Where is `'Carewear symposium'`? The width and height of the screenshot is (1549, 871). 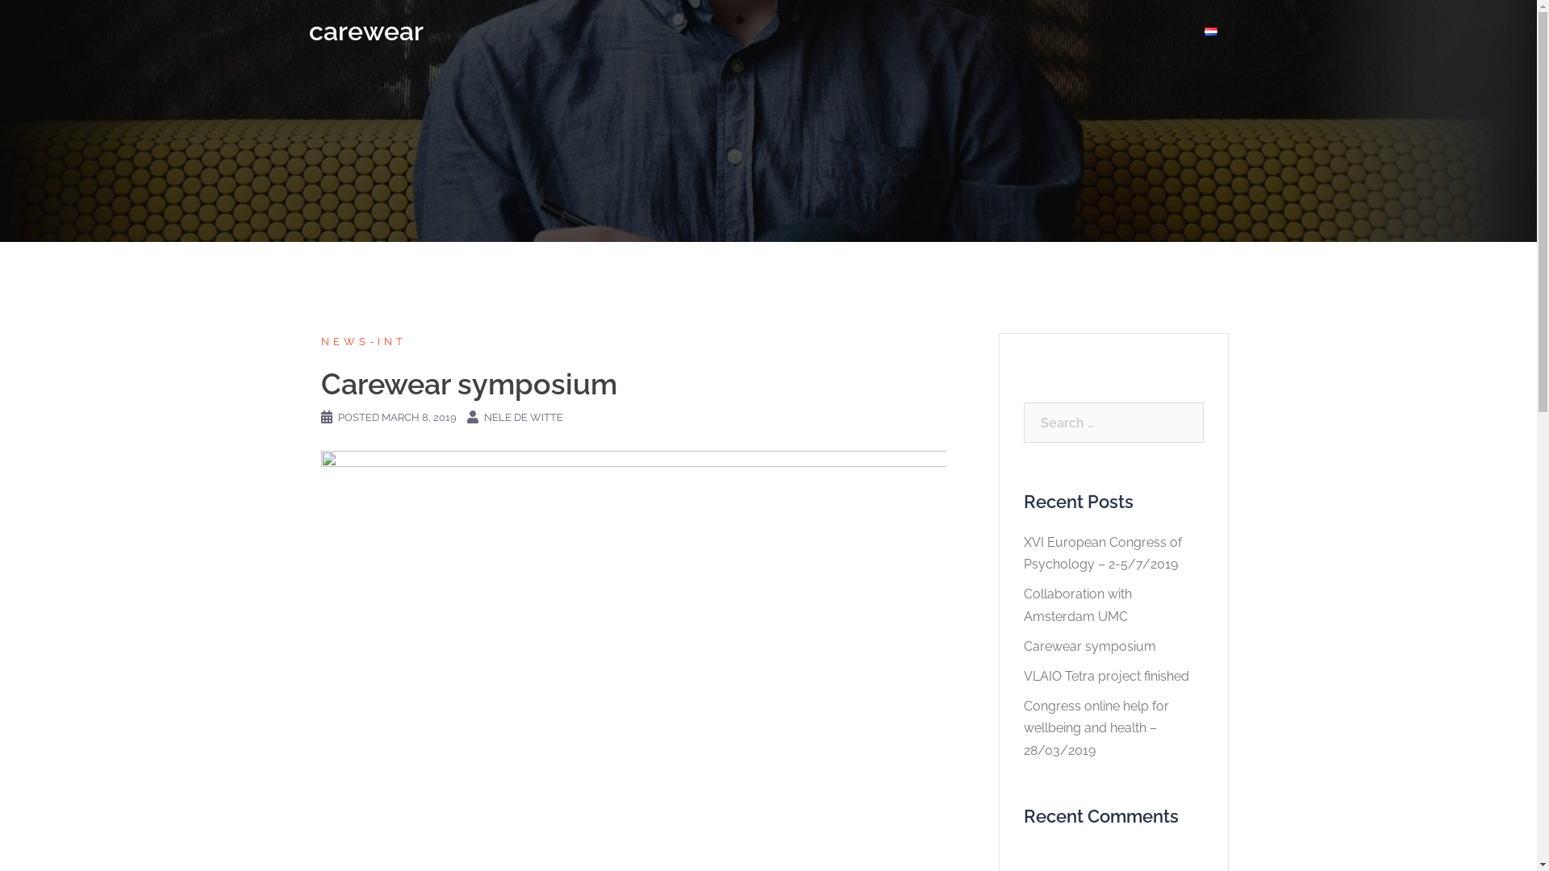
'Carewear symposium' is located at coordinates (1088, 645).